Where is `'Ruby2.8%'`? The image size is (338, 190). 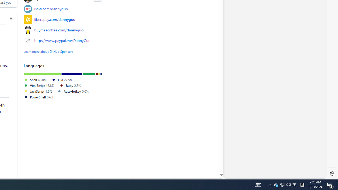
'Ruby2.8%' is located at coordinates (72, 85).